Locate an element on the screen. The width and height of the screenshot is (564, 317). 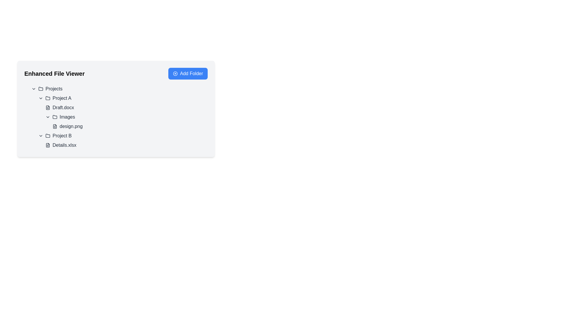
the 'Projects' label, which is located near the top-left area of the page inside the 'Enhanced File Viewer' section, beside a folder icon is located at coordinates (54, 89).